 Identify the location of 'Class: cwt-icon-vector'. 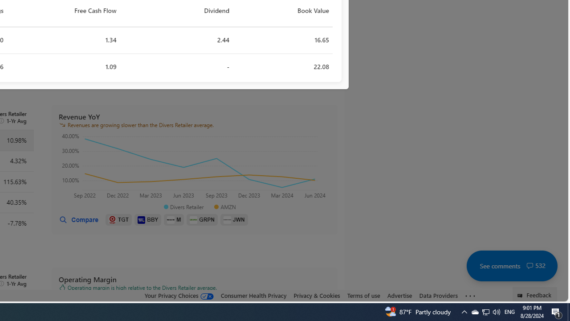
(530, 265).